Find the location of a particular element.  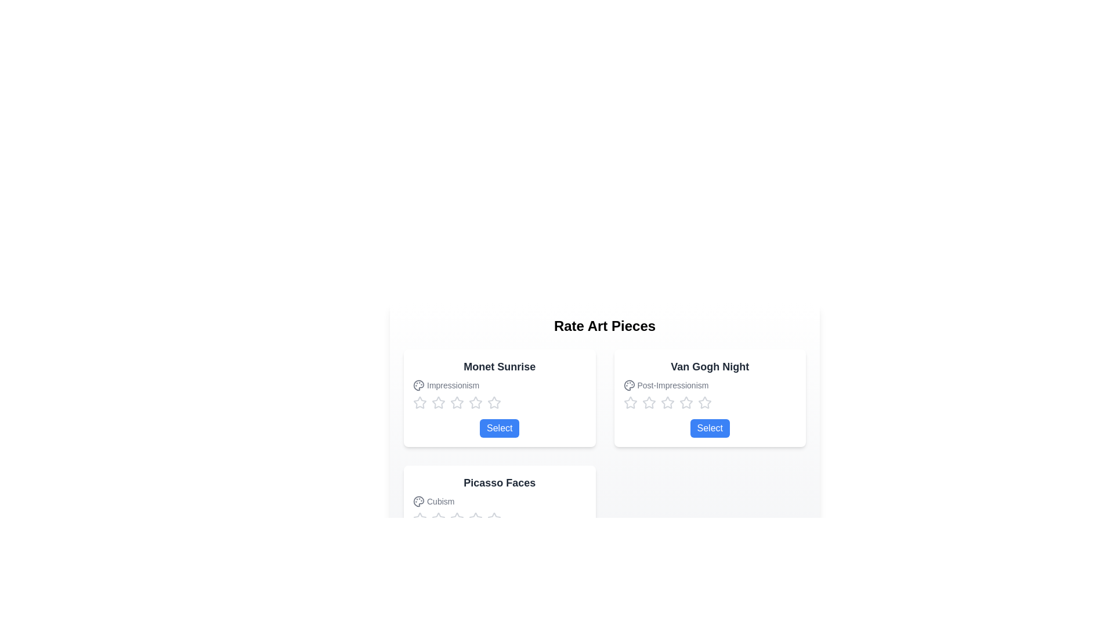

the fourth star icon in the rating system for the item 'Van Gogh Night' is located at coordinates (704, 402).